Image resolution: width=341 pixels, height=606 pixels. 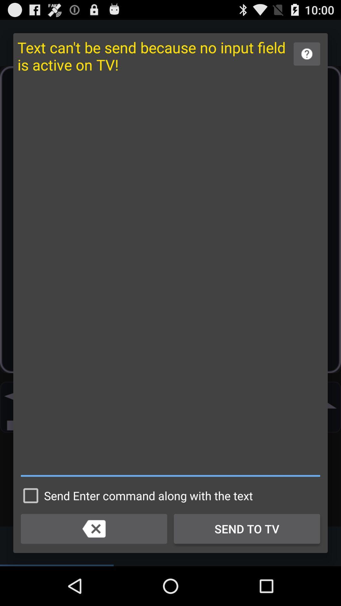 What do you see at coordinates (94, 529) in the screenshot?
I see `icon next to send to tv item` at bounding box center [94, 529].